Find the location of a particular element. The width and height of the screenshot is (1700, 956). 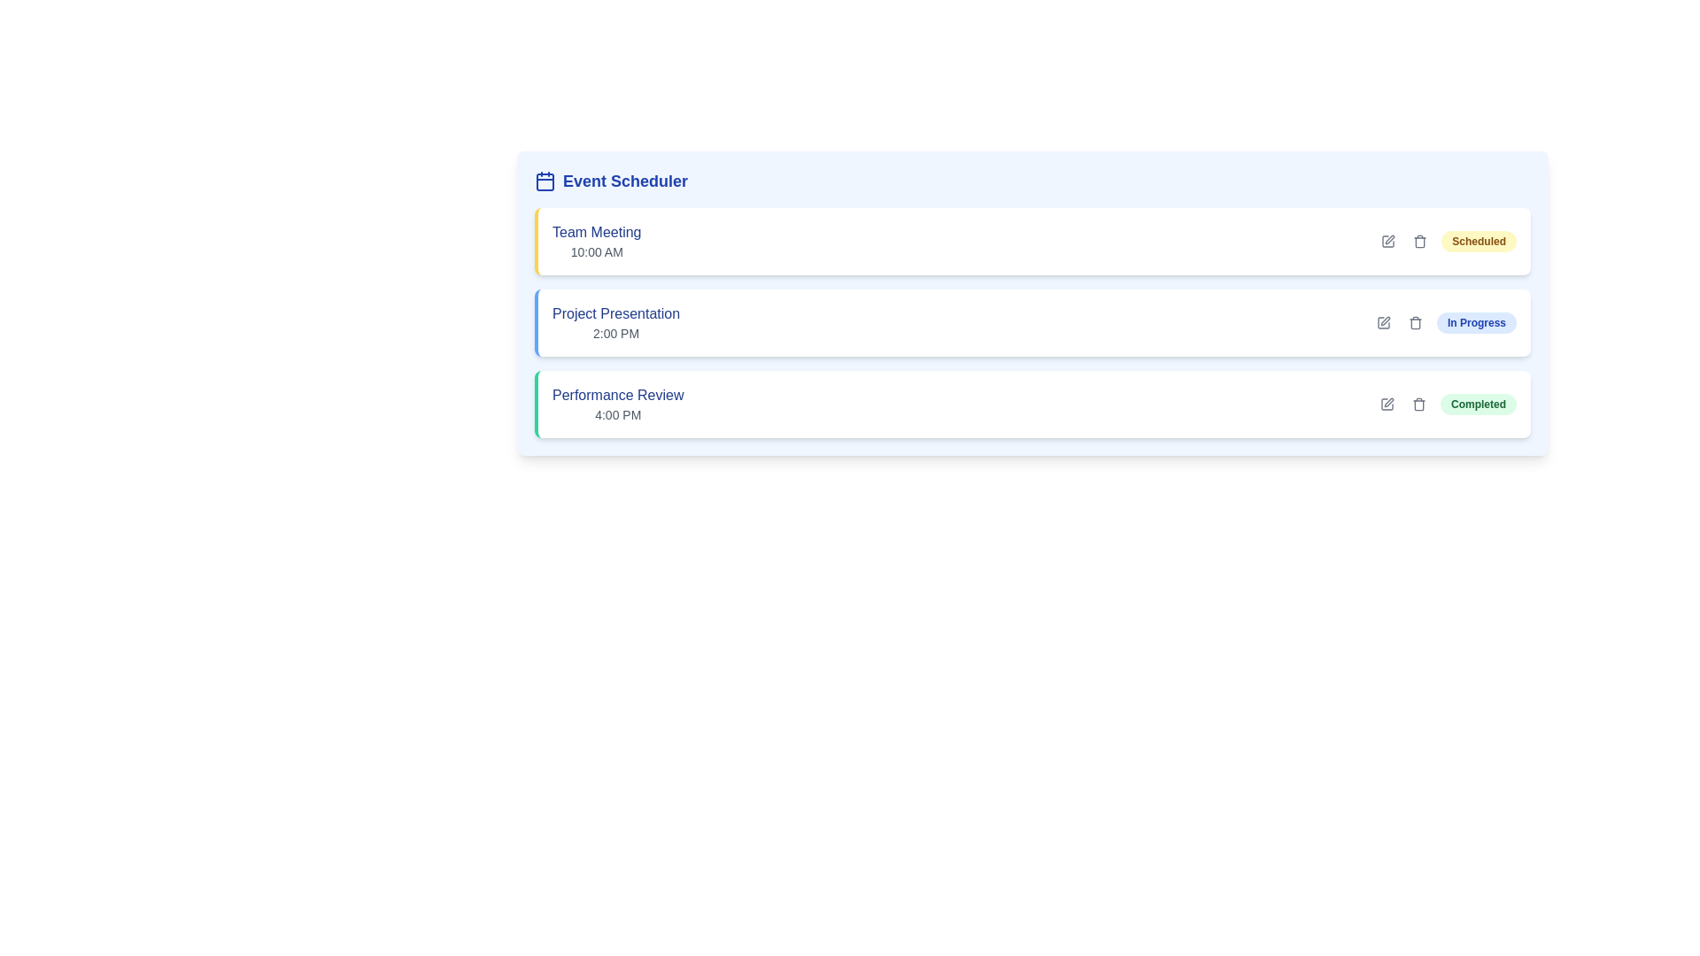

the edit icon located next to the project presentation row, adjacent to the 'In Progress' tag is located at coordinates (1384, 320).